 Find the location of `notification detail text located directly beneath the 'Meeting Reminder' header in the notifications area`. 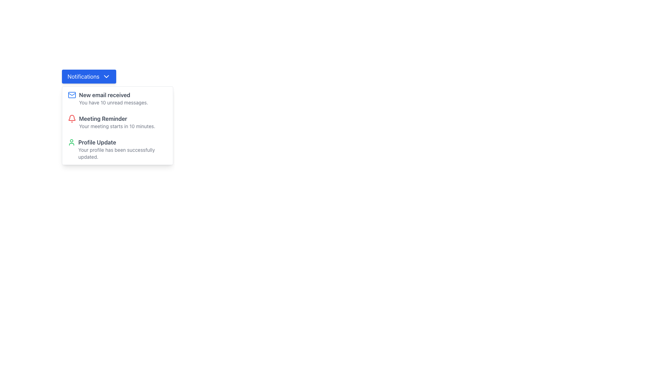

notification detail text located directly beneath the 'Meeting Reminder' header in the notifications area is located at coordinates (117, 126).